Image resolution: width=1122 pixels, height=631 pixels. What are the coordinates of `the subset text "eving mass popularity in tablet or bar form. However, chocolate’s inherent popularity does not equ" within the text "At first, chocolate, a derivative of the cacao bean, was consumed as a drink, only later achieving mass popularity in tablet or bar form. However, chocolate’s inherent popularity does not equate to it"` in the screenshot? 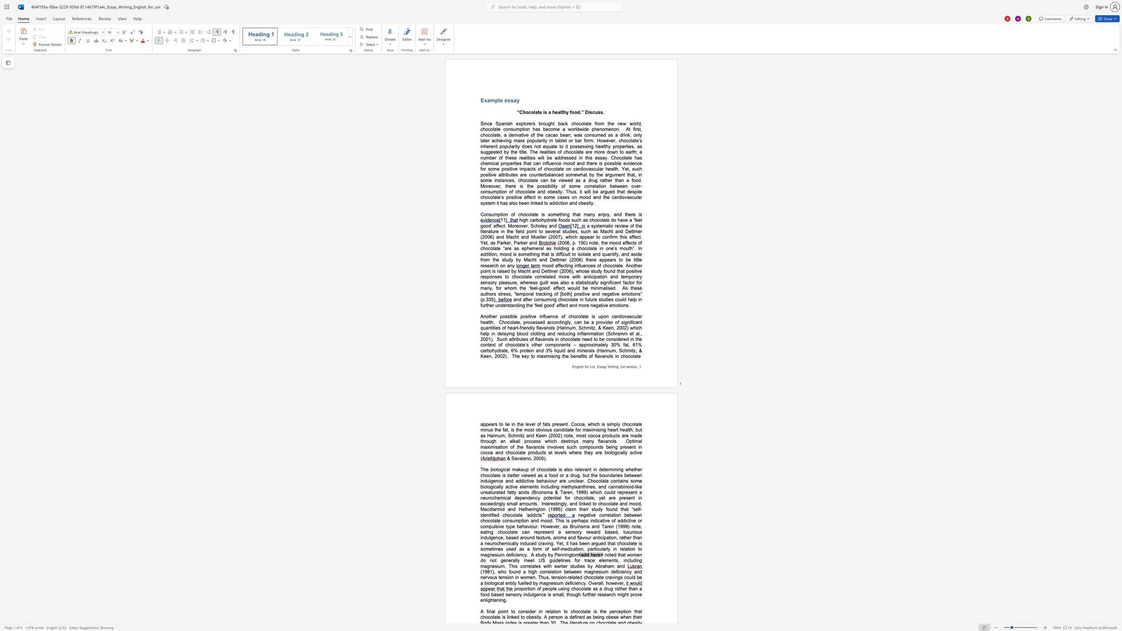 It's located at (500, 140).